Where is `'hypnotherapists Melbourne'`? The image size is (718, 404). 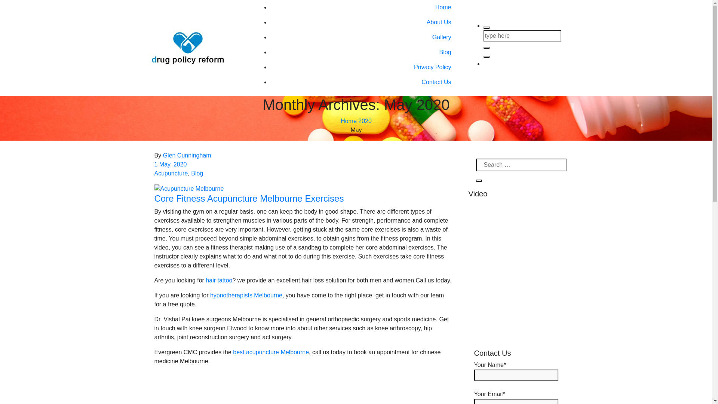 'hypnotherapists Melbourne' is located at coordinates (246, 295).